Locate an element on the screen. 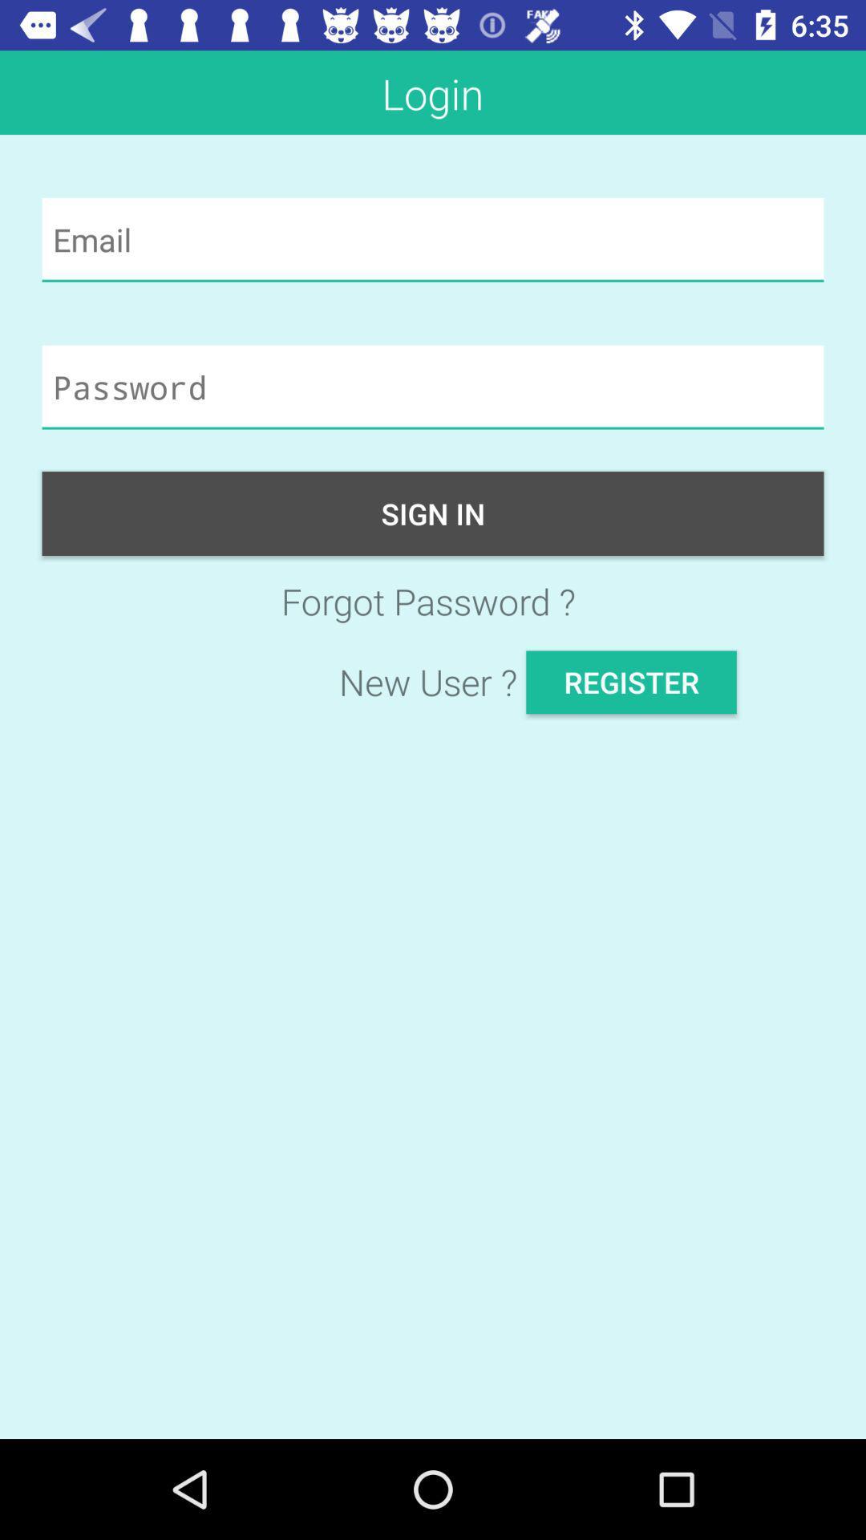 The height and width of the screenshot is (1540, 866). icon below the sign in item is located at coordinates (433, 600).